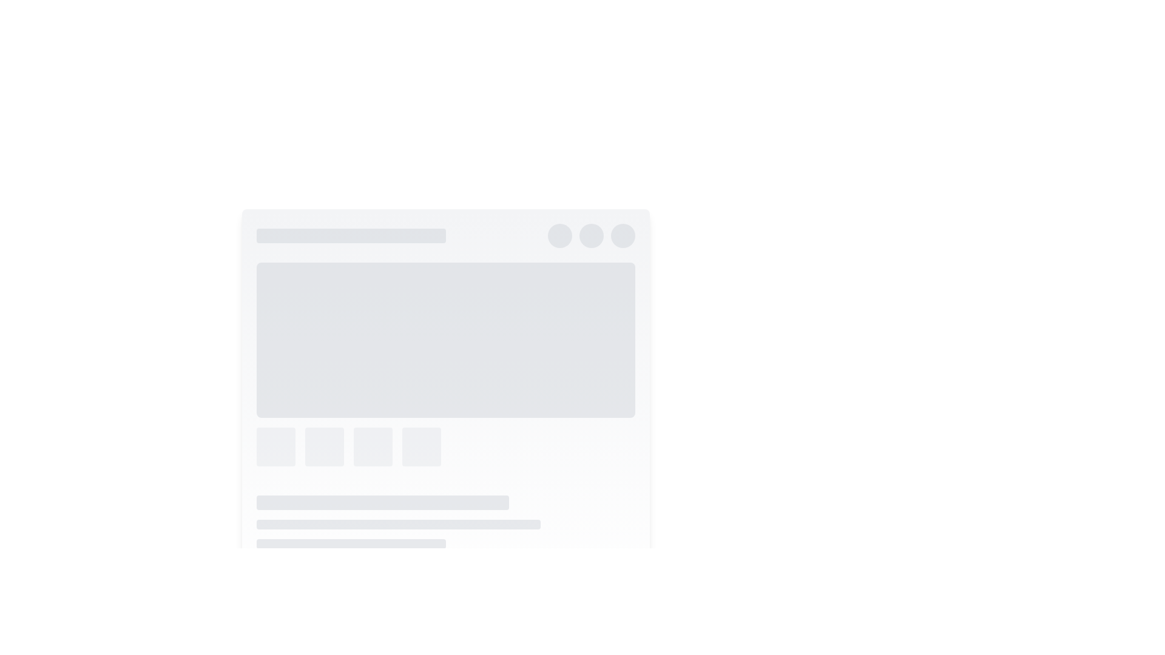 The width and height of the screenshot is (1165, 655). Describe the element at coordinates (350, 236) in the screenshot. I see `the static visual placeholder or decorative line, which is a rectangular bar with a light gray background and rounded shape, located at the top section of the layout` at that location.